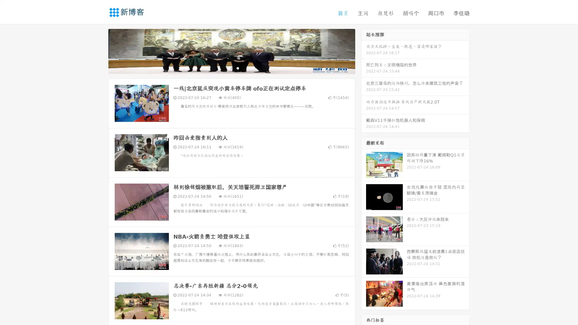 Image resolution: width=578 pixels, height=325 pixels. Describe the element at coordinates (225, 68) in the screenshot. I see `Go to slide 1` at that location.